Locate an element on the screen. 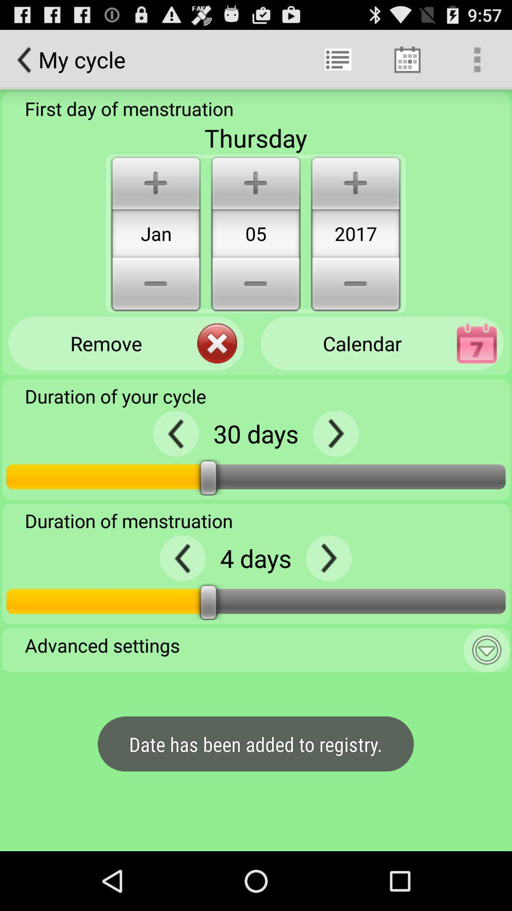 This screenshot has width=512, height=911. increase the number of days is located at coordinates (328, 558).